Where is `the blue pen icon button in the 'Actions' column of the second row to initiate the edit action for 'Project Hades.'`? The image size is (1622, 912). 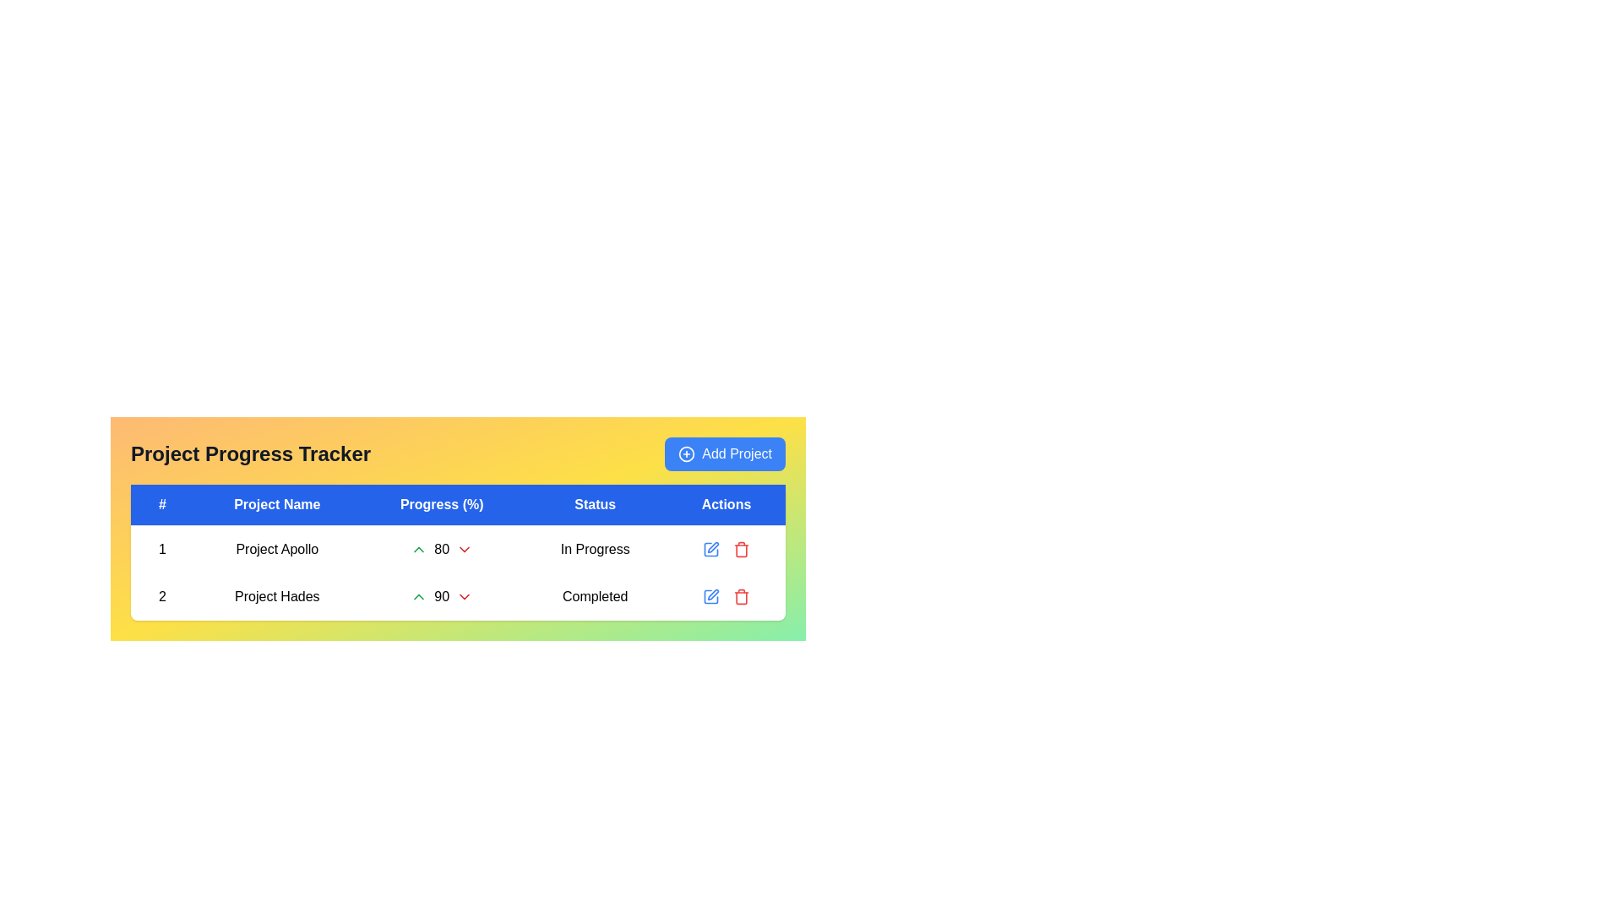 the blue pen icon button in the 'Actions' column of the second row to initiate the edit action for 'Project Hades.' is located at coordinates (713, 594).